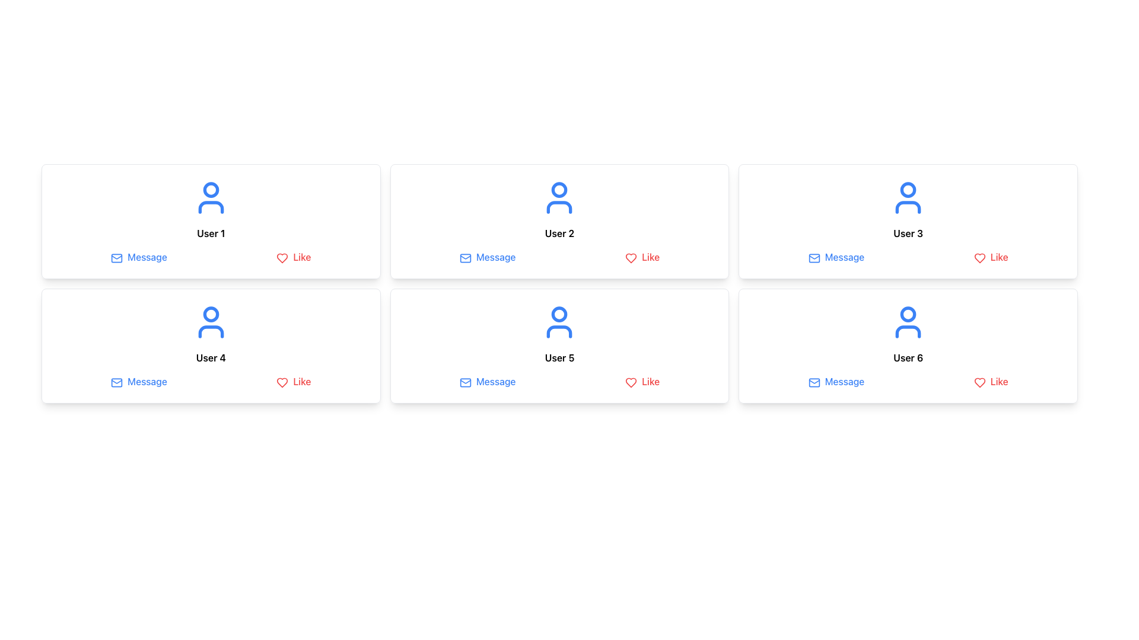 The image size is (1139, 640). I want to click on the heart icon located in the lower row of User 5's card to like the profile, so click(631, 382).